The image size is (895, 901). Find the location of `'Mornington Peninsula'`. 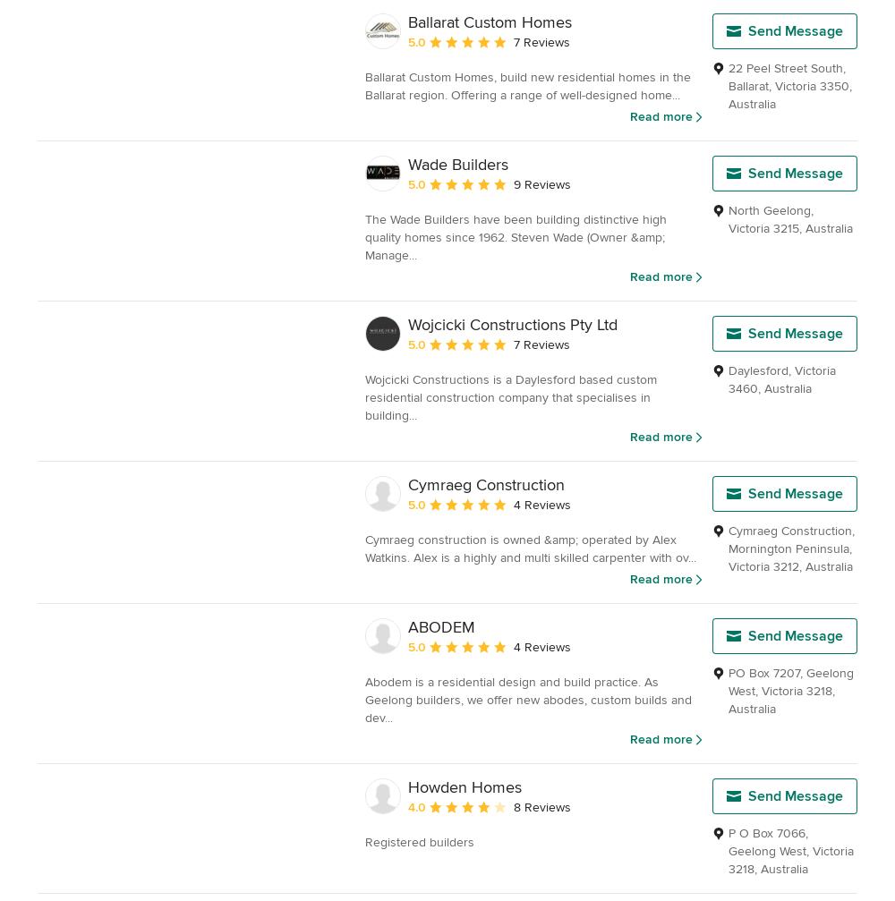

'Mornington Peninsula' is located at coordinates (788, 548).